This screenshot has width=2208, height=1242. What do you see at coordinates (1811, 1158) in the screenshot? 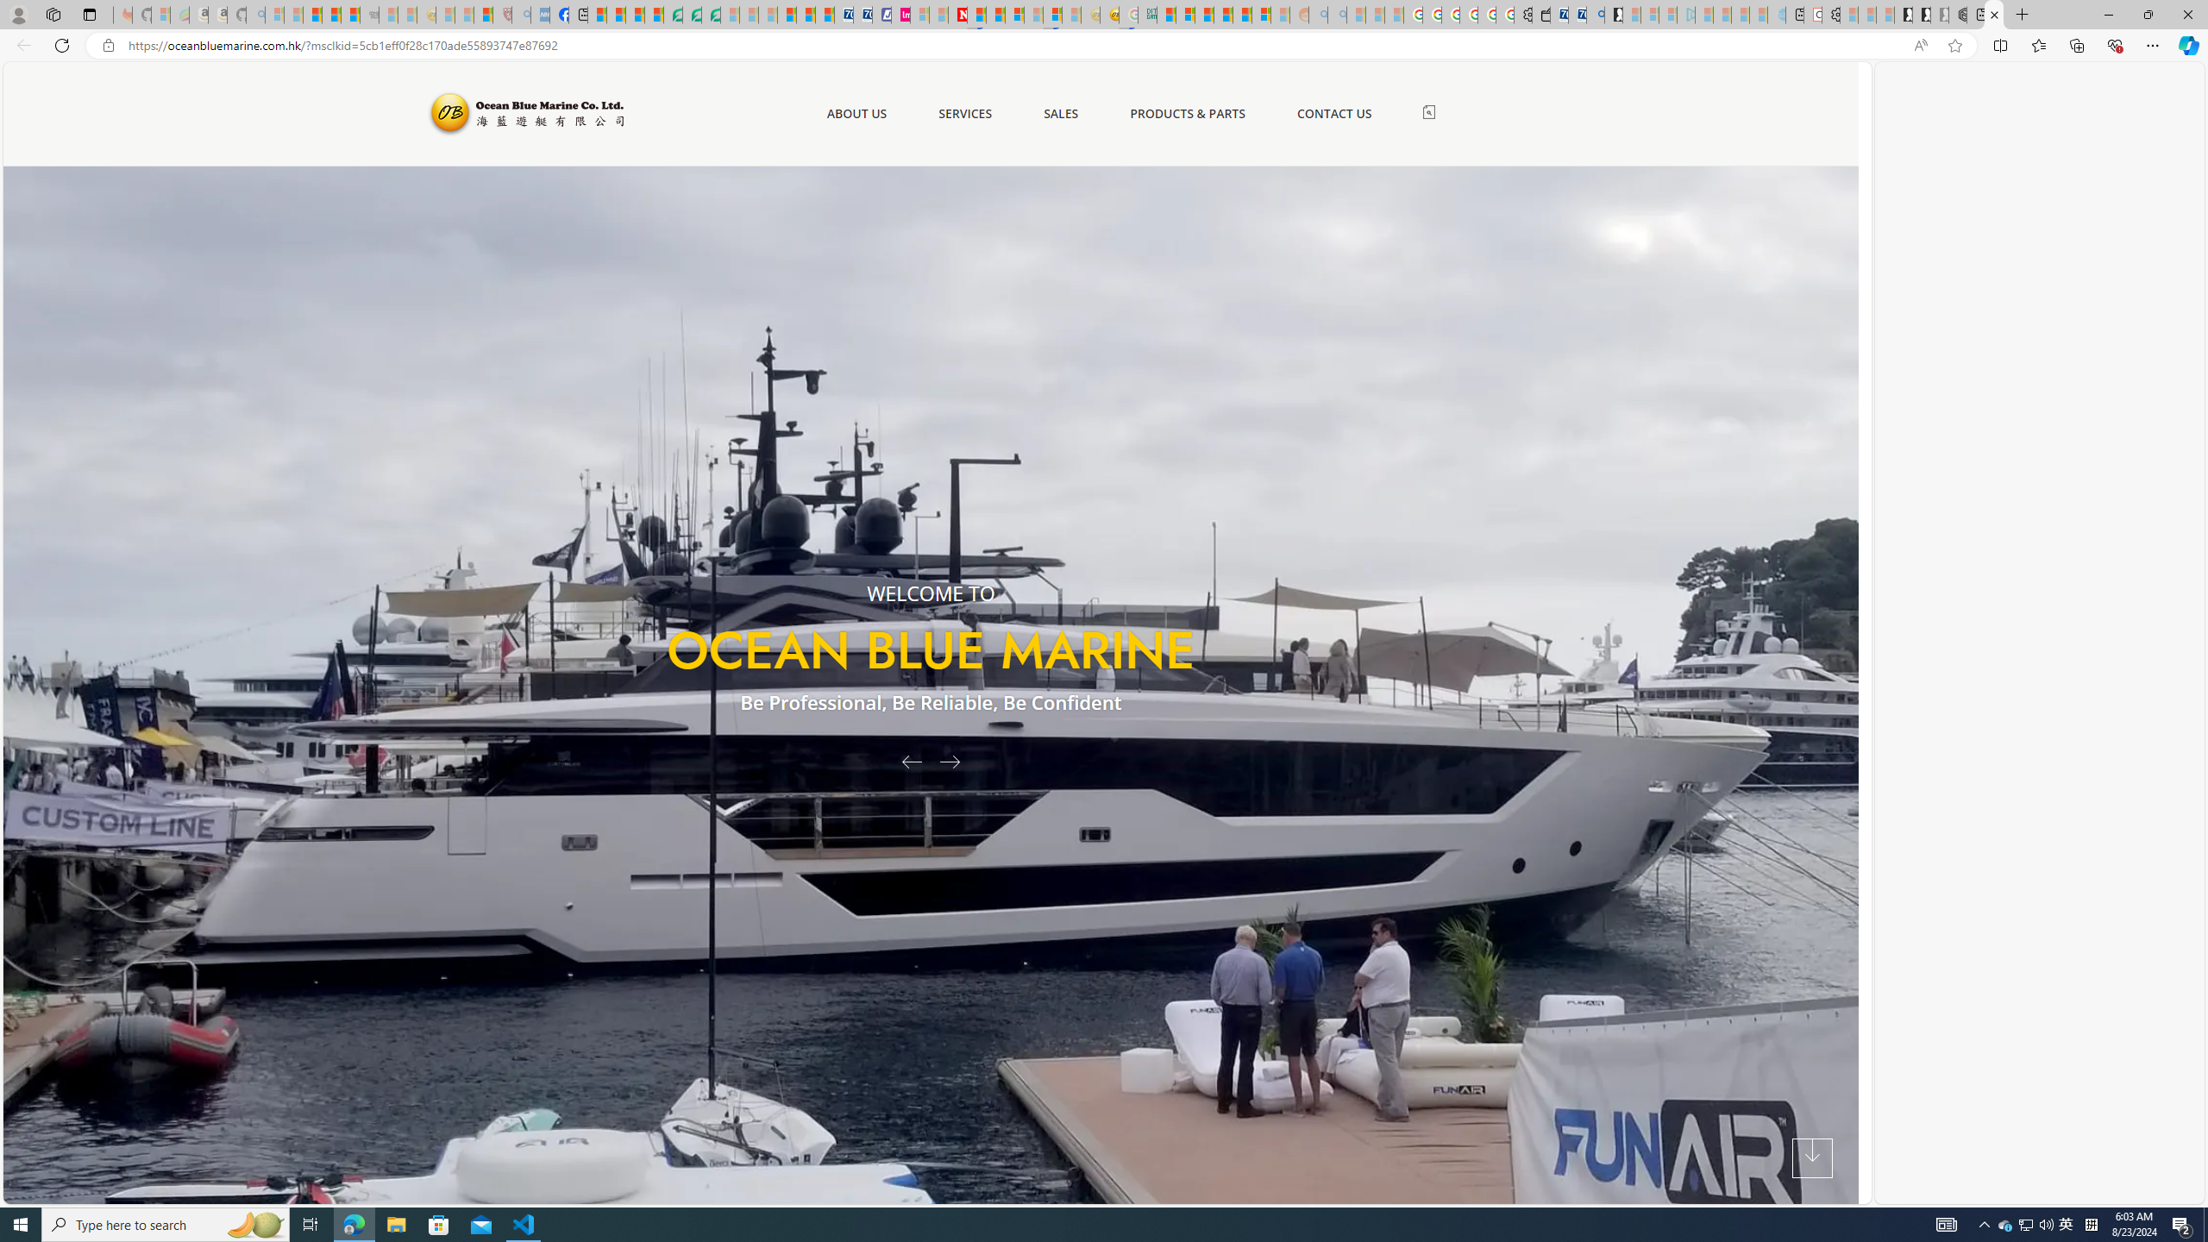
I see `'Next Section'` at bounding box center [1811, 1158].